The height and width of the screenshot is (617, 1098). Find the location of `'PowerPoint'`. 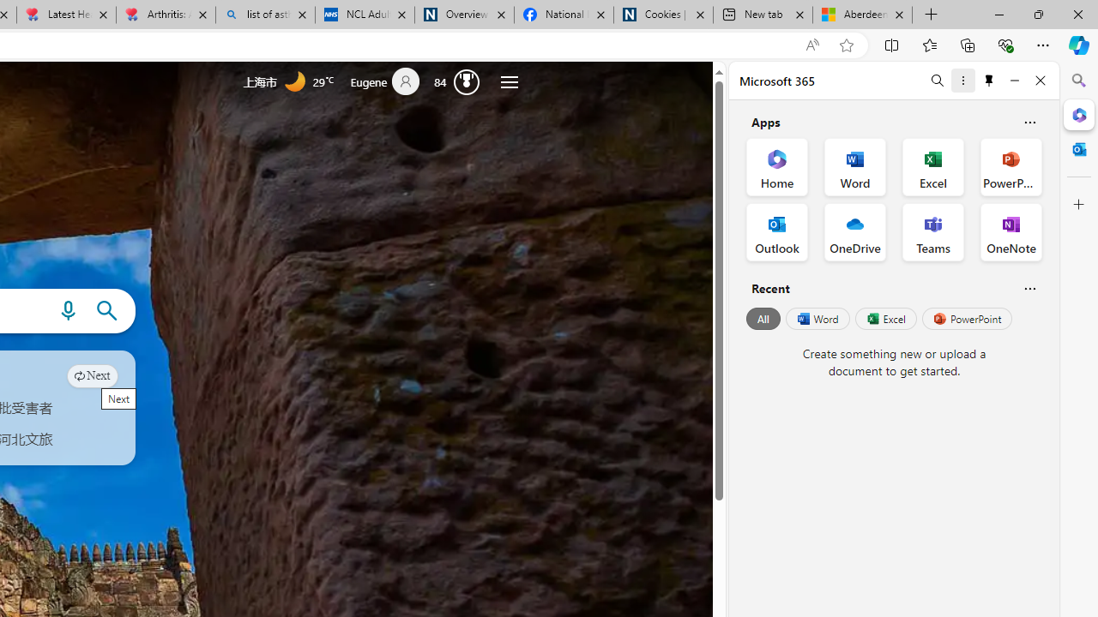

'PowerPoint' is located at coordinates (967, 319).